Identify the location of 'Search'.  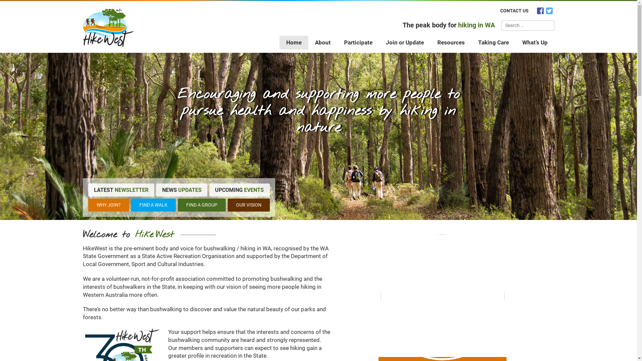
(542, 25).